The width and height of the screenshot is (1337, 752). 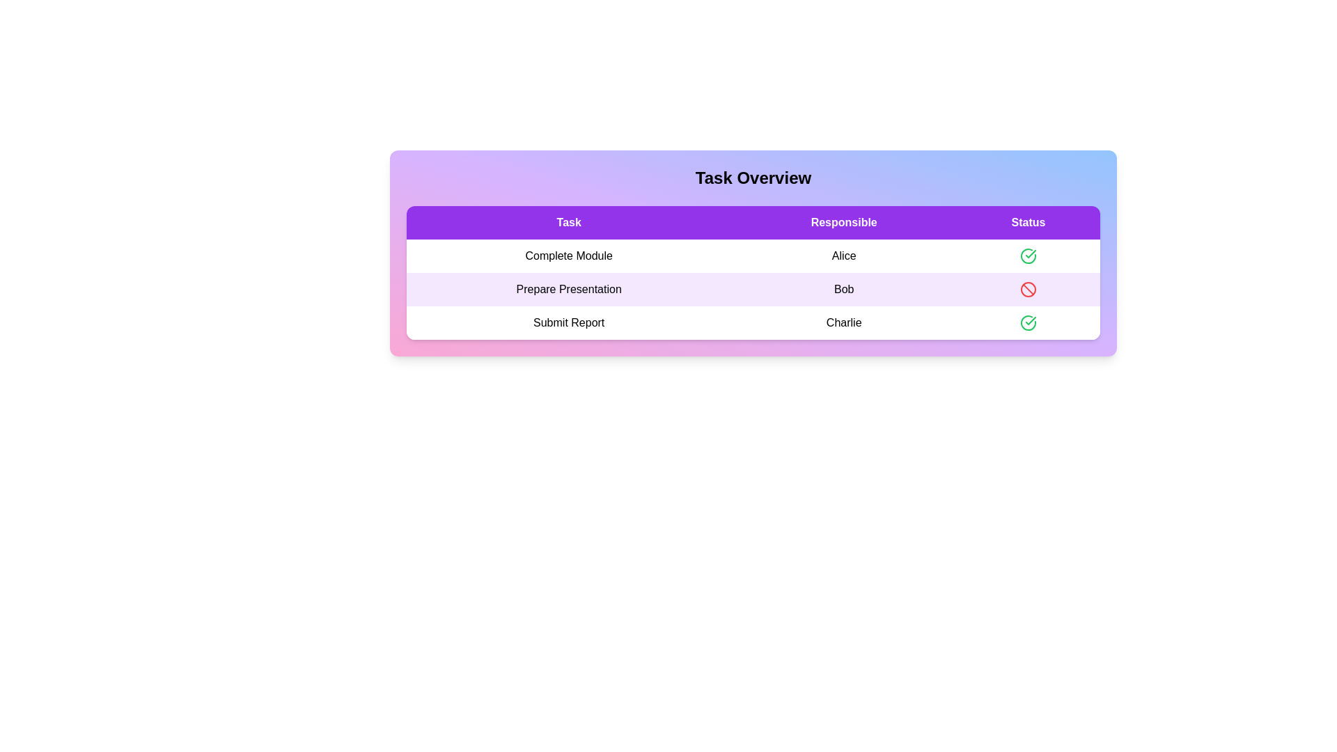 What do you see at coordinates (1029, 289) in the screenshot?
I see `the status icon indicating the task 'Prepare Presentation' to interact with it, as it is located in the third column of the second row of the table` at bounding box center [1029, 289].